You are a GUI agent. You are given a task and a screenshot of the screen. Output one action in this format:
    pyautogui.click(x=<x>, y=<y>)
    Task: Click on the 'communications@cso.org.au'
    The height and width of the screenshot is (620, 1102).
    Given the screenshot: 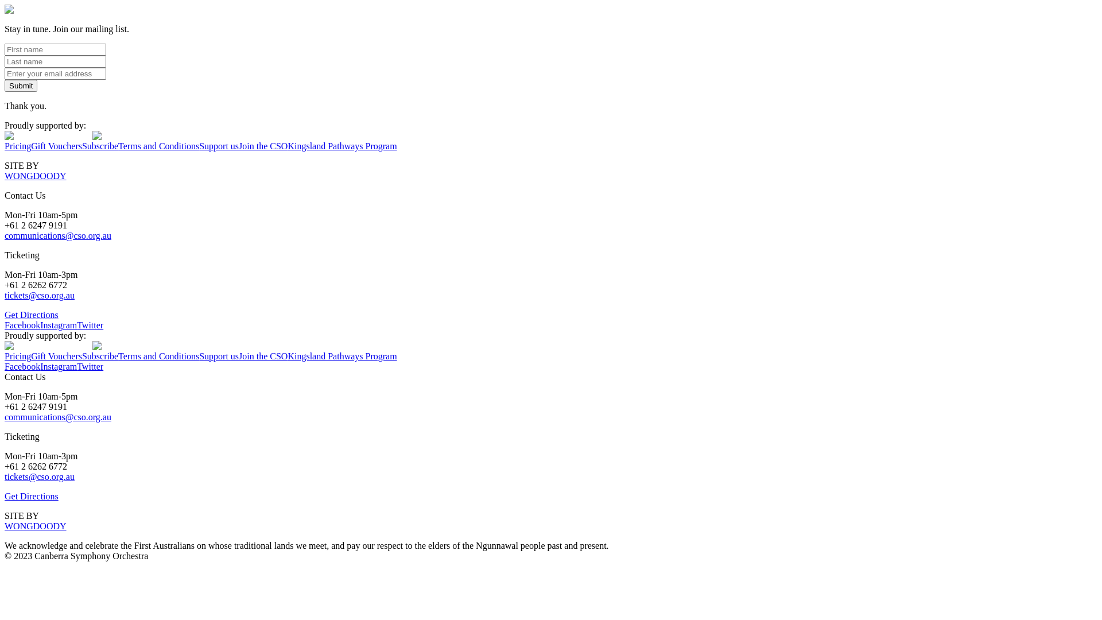 What is the action you would take?
    pyautogui.click(x=57, y=235)
    